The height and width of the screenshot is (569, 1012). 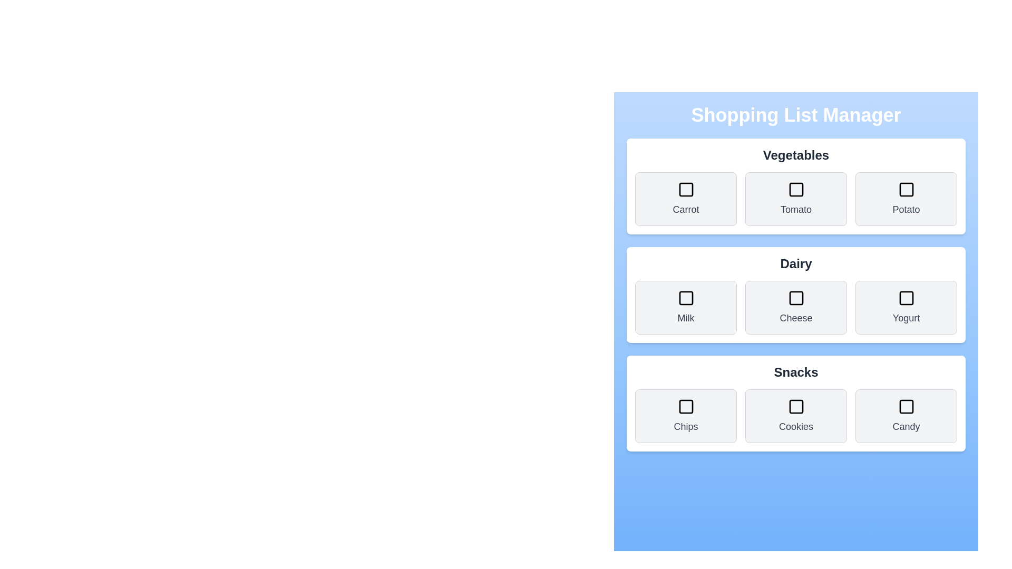 I want to click on the item Milk to observe the hover effect, so click(x=686, y=307).